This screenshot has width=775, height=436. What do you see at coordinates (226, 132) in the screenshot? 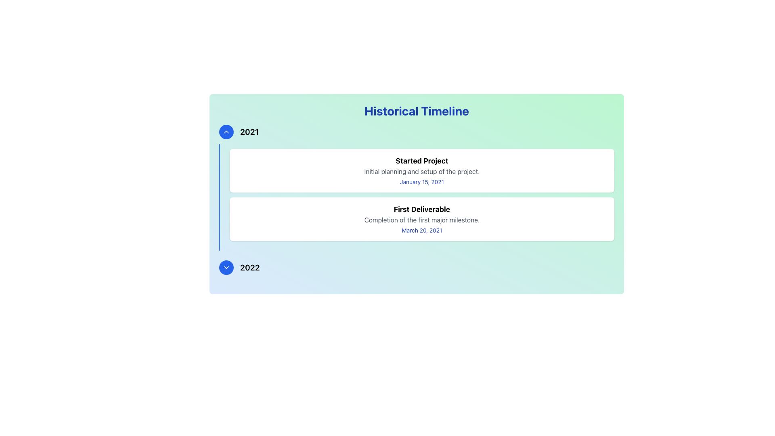
I see `the upward navigation button located in the top-left portion of the timeline interface` at bounding box center [226, 132].